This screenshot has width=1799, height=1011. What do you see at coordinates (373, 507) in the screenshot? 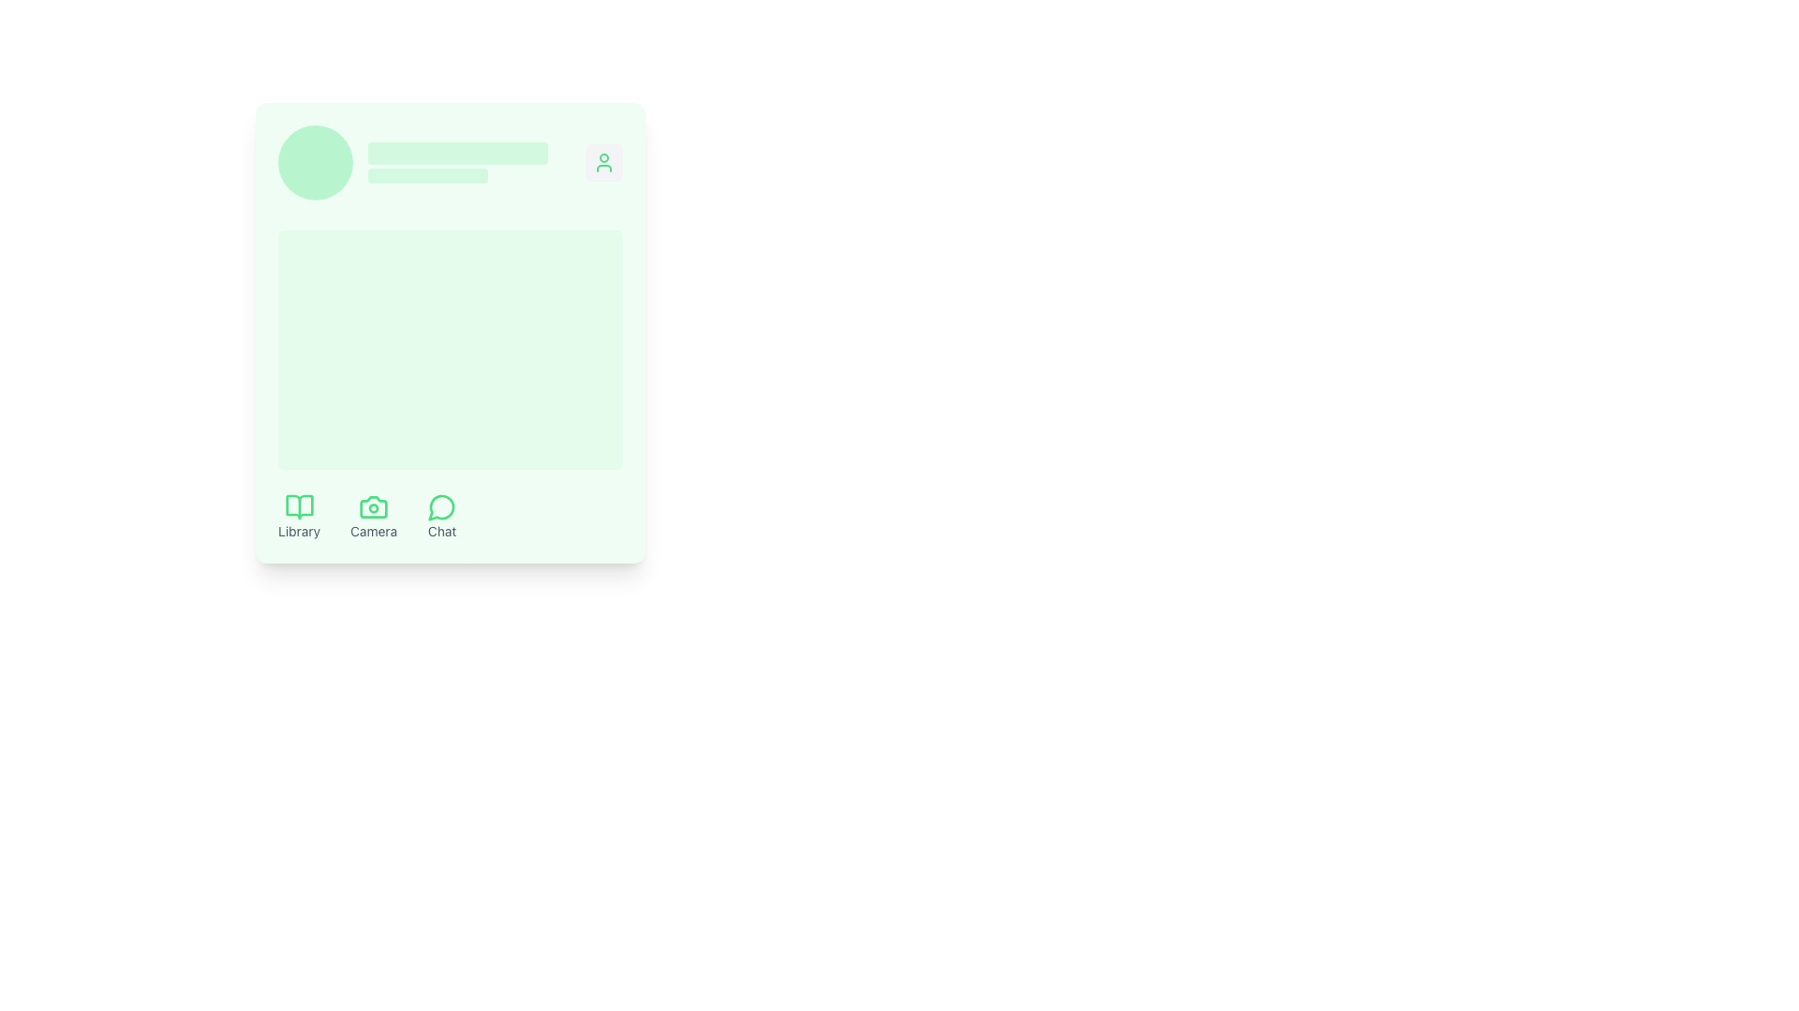
I see `the green camera icon located` at bounding box center [373, 507].